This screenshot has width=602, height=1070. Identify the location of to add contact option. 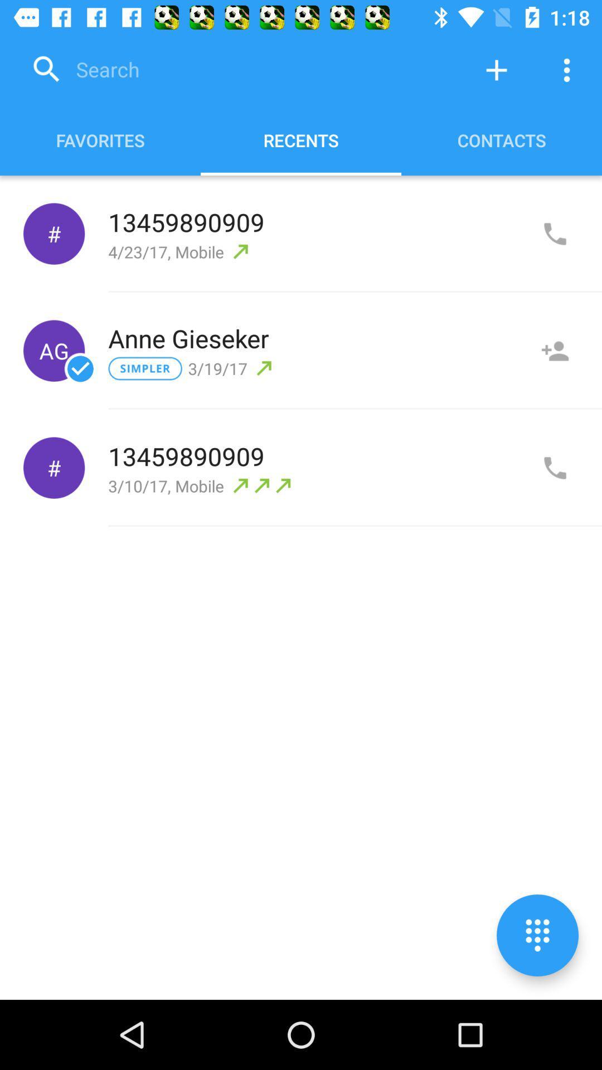
(496, 69).